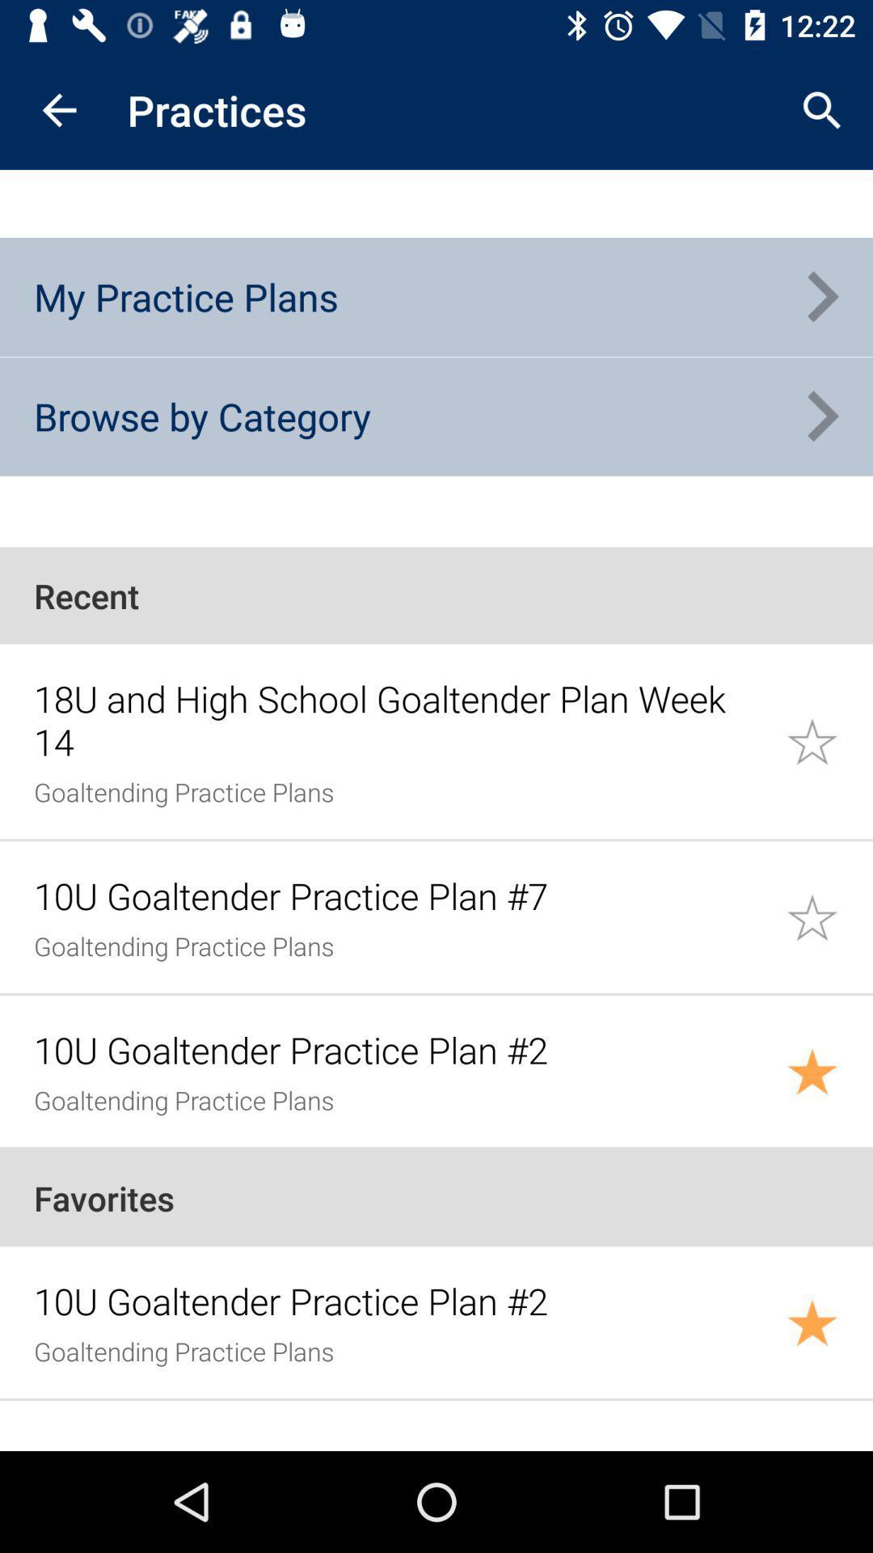 Image resolution: width=873 pixels, height=1553 pixels. I want to click on the icon to the right of browse by category icon, so click(822, 417).